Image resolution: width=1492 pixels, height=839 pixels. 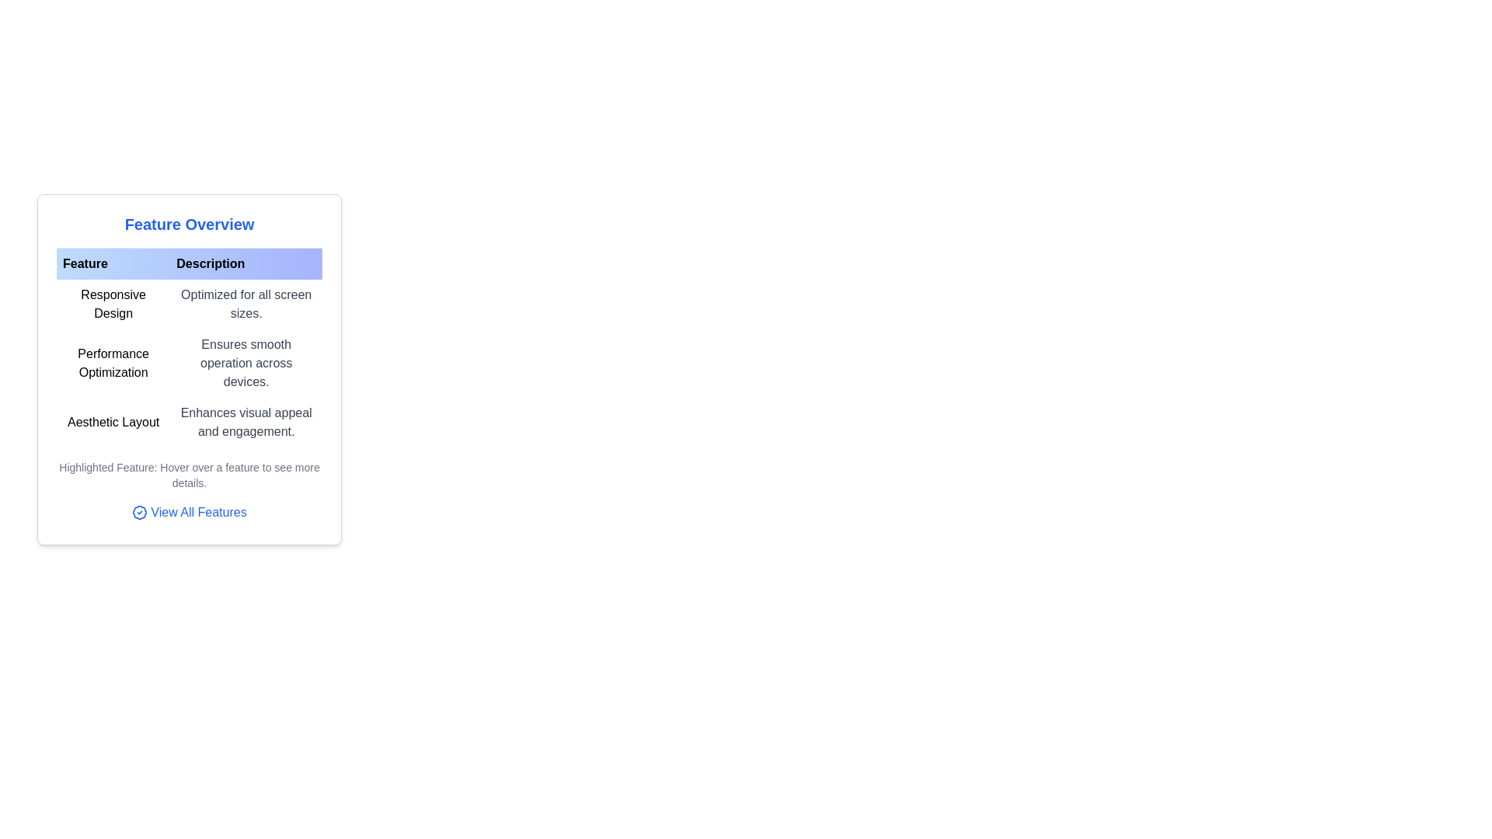 I want to click on the static text element that provides supplementary information about the 'Responsive Design' feature, located in the 'Description' column of the table under the 'Responsive Design' row, so click(x=246, y=305).